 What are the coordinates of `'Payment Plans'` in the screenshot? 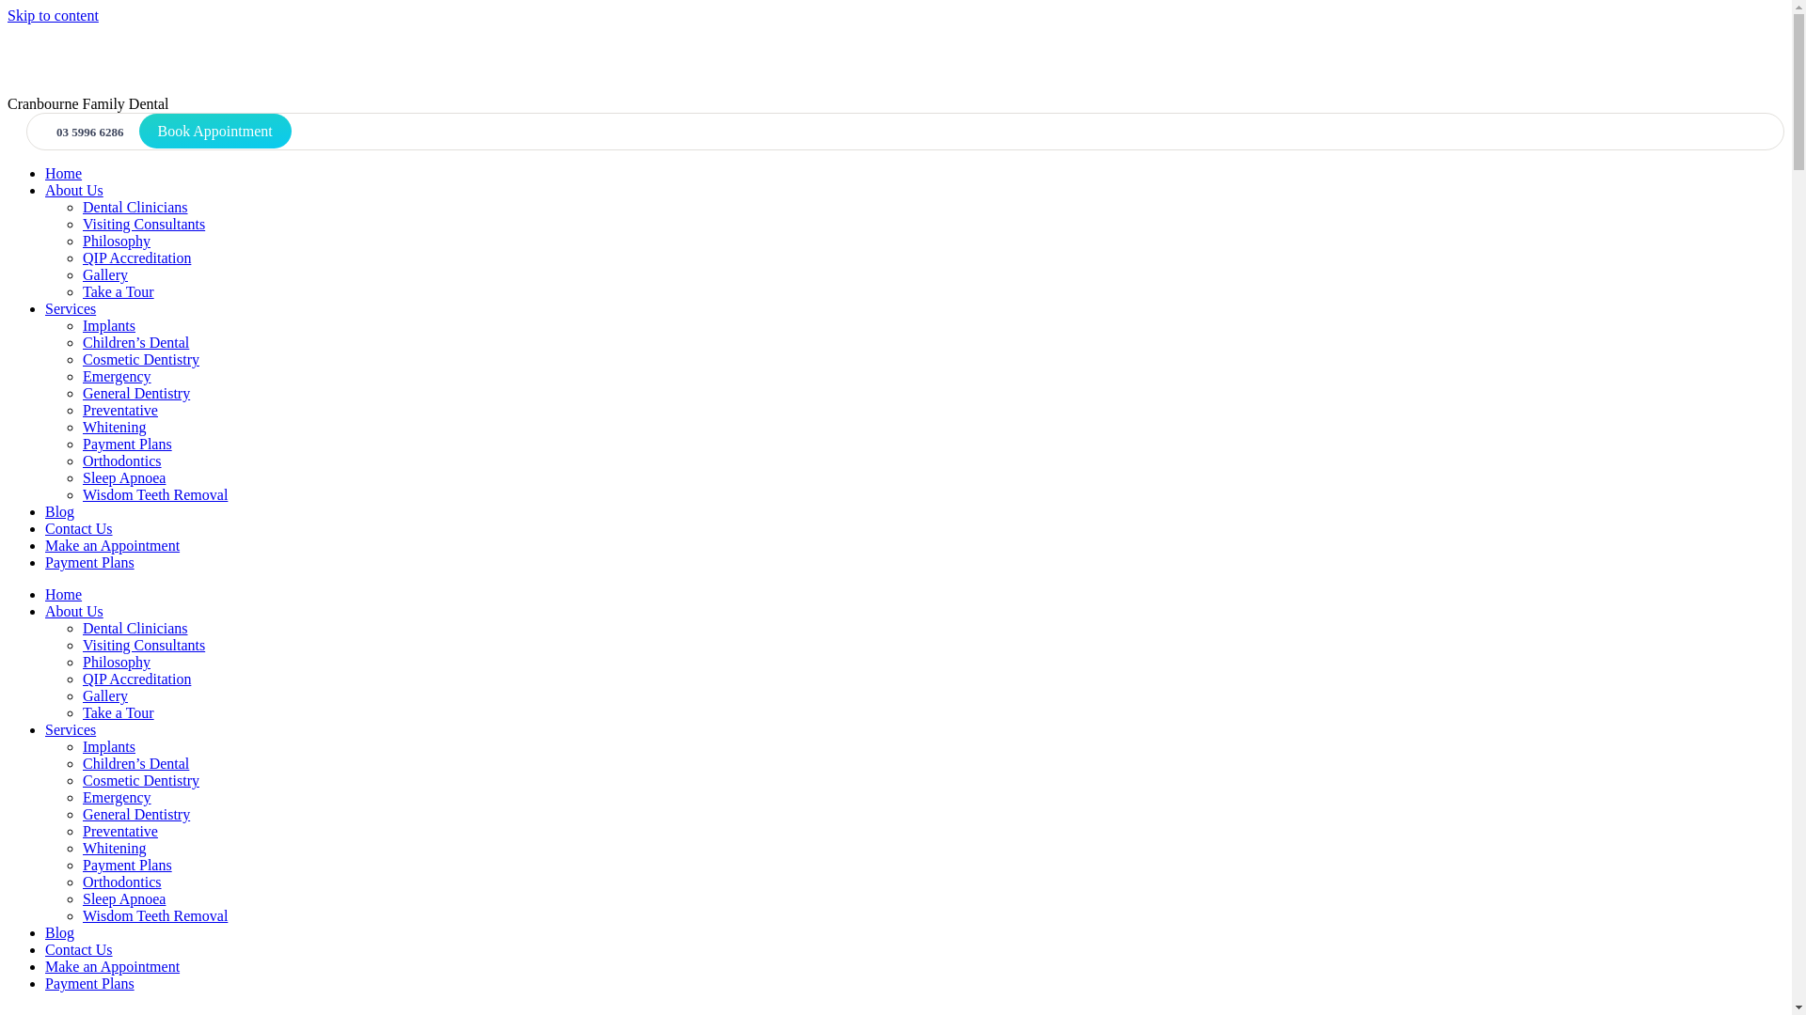 It's located at (88, 561).